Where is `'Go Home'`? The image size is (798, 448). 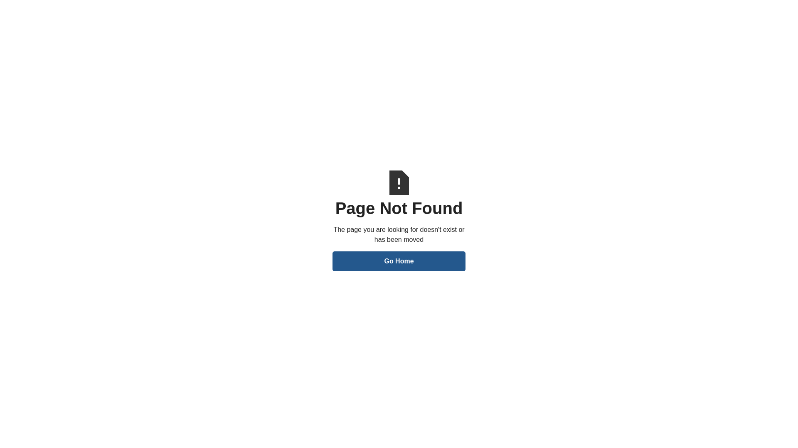
'Go Home' is located at coordinates (399, 261).